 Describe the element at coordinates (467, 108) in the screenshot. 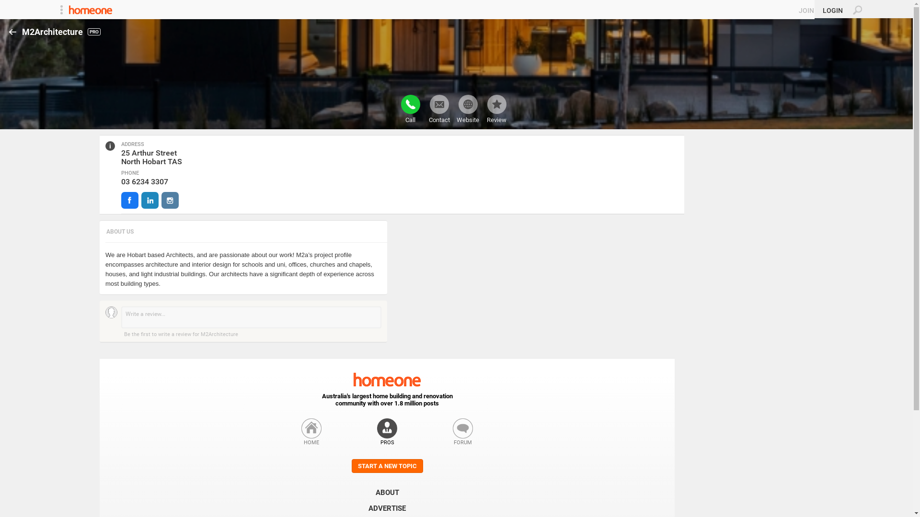

I see `'Website'` at that location.